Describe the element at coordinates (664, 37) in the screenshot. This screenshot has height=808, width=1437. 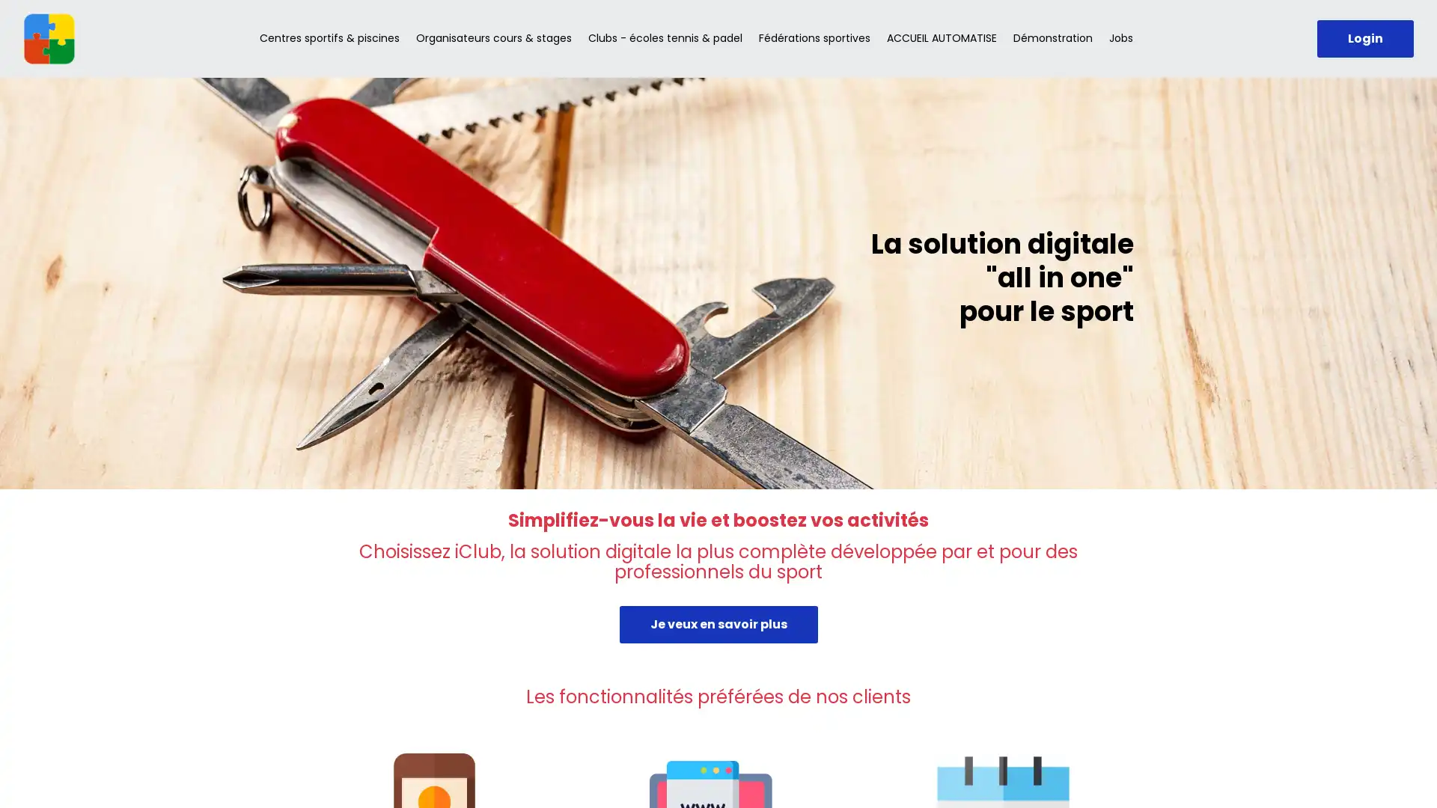
I see `Clubs - ecoles tennis & padel` at that location.